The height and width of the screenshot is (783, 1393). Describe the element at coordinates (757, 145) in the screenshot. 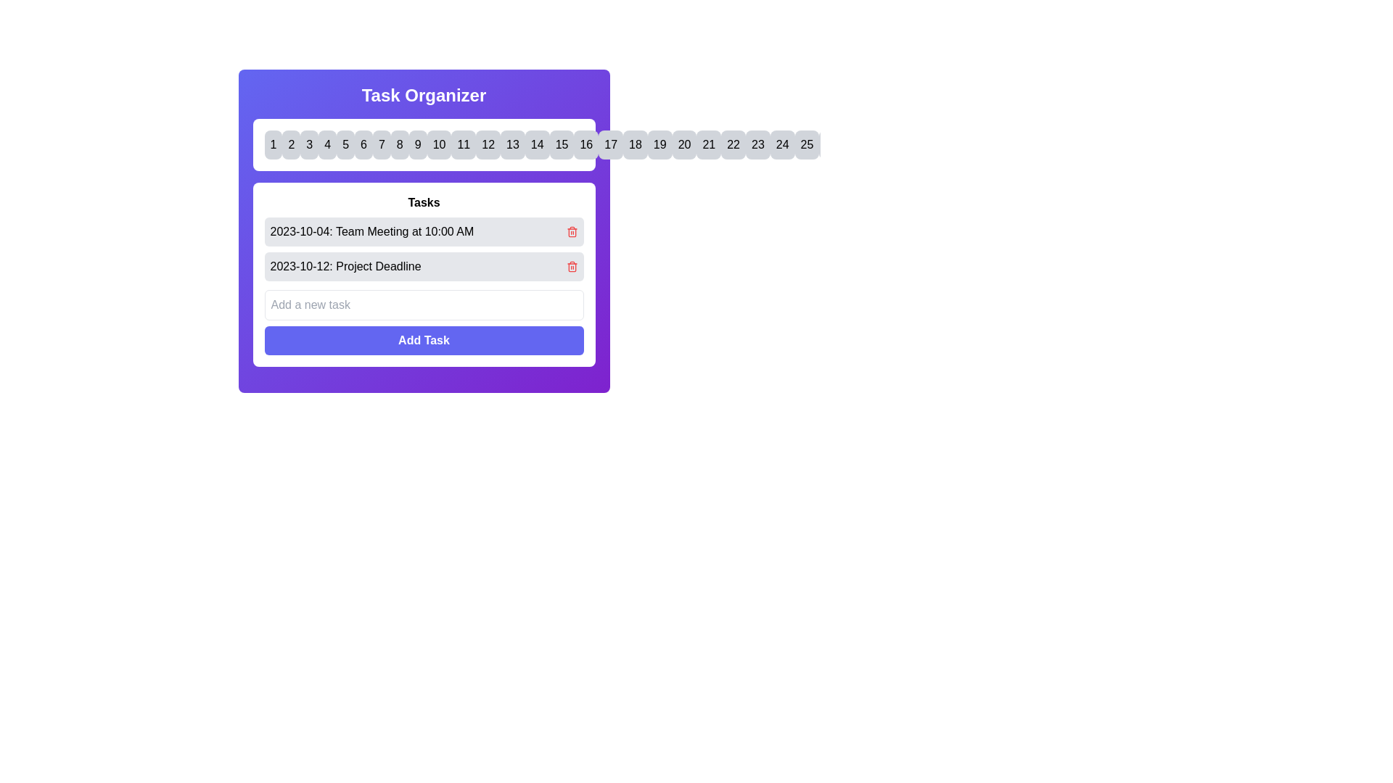

I see `the 23rd button in the horizontal row beneath the 'Task Organizer' header` at that location.